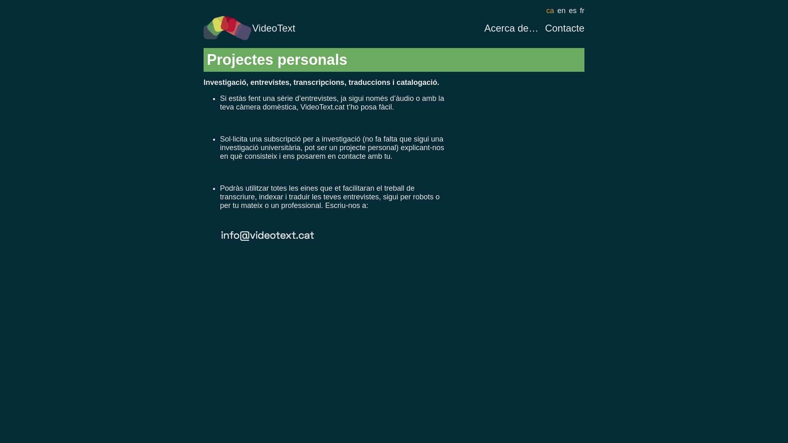 The height and width of the screenshot is (443, 788). What do you see at coordinates (564, 27) in the screenshot?
I see `'Contacte'` at bounding box center [564, 27].